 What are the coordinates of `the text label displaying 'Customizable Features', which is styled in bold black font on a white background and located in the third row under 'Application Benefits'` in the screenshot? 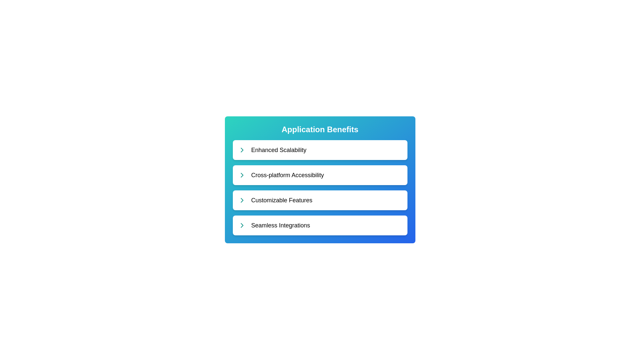 It's located at (282, 200).